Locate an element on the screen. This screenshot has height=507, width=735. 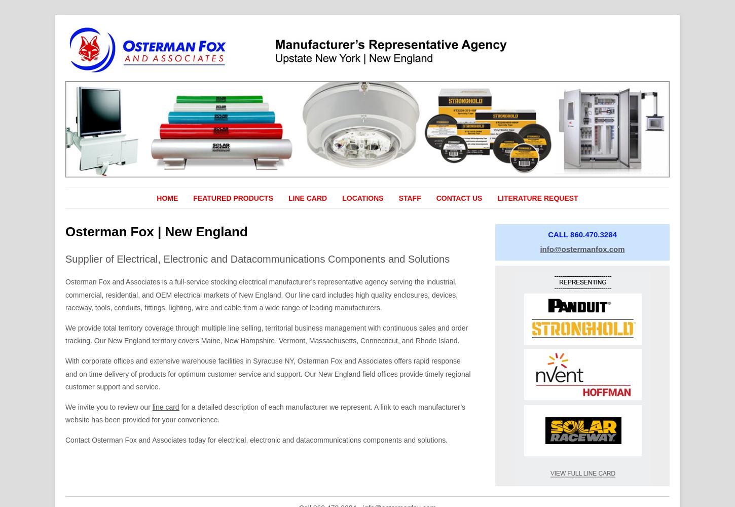
'Osterman Fox and Associates is a full-service stocking electrical manufacturer’s representative agency serving the industrial, commercial, residential, and OEM electrical markets of New England. Our line card includes high quality enclosures, devices, raceway, tools, conduits, fittings, lighting, wire and cable from a wide range of leading manufacturers.' is located at coordinates (262, 294).